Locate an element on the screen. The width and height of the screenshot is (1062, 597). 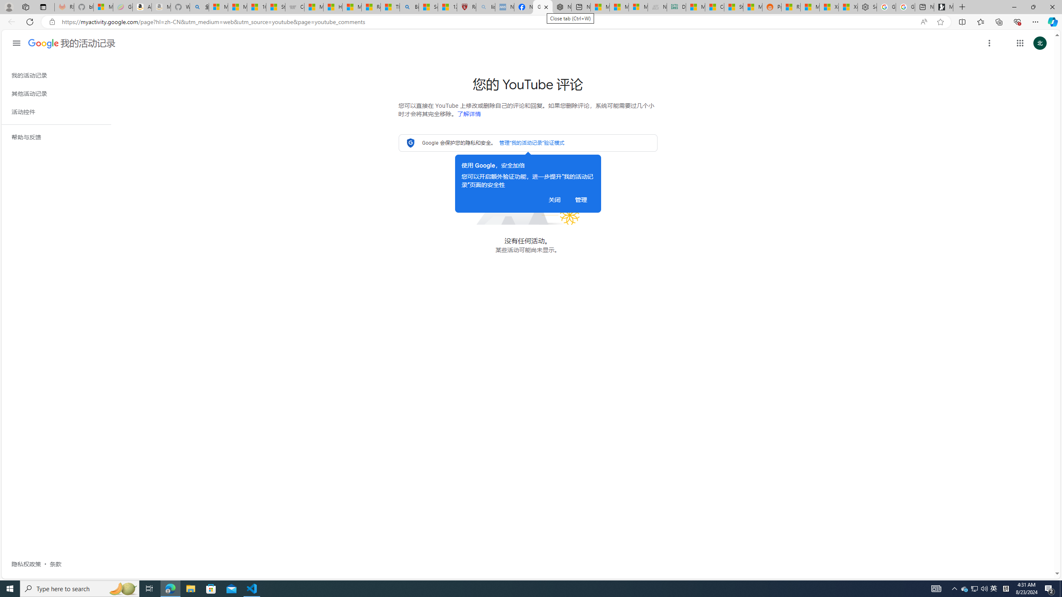
'Stocks - MSN' is located at coordinates (733, 7).